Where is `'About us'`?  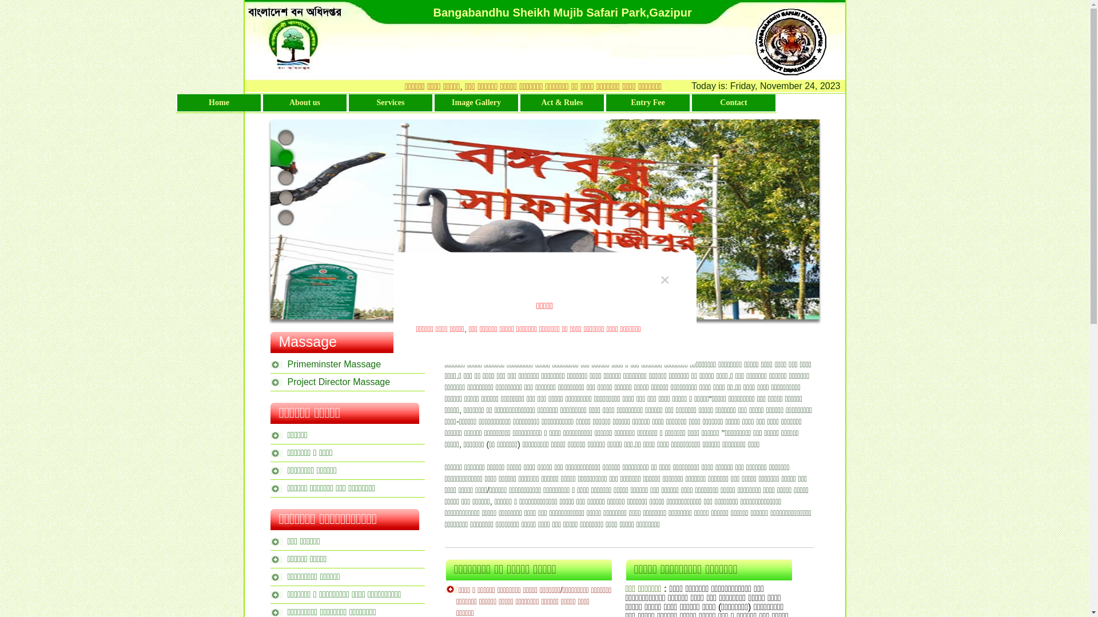 'About us' is located at coordinates (304, 103).